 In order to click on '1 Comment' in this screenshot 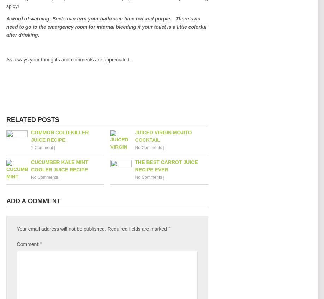, I will do `click(41, 147)`.